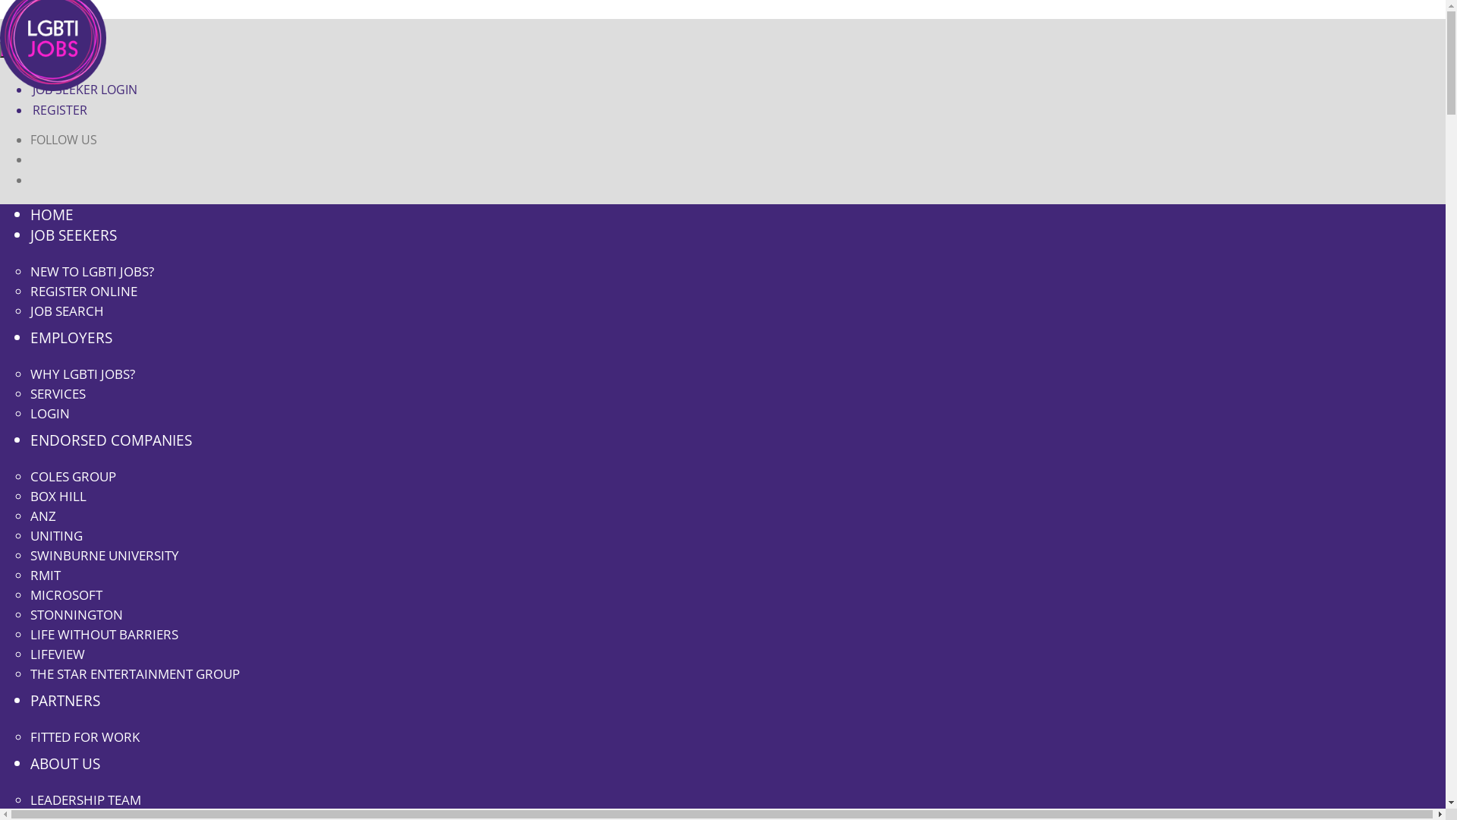 The height and width of the screenshot is (820, 1457). Describe the element at coordinates (83, 90) in the screenshot. I see `'JOB SEEKER LOGIN'` at that location.